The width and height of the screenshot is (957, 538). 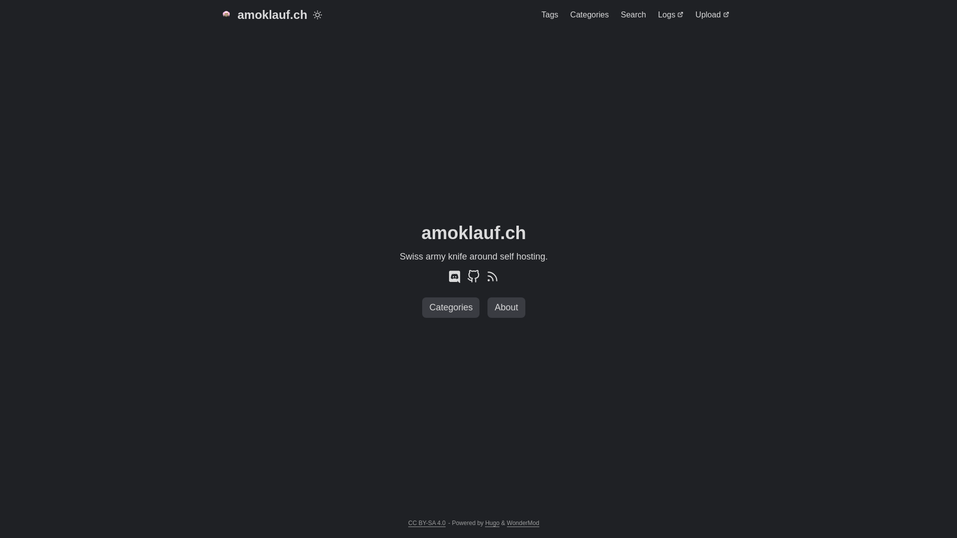 I want to click on 'Tags', so click(x=549, y=15).